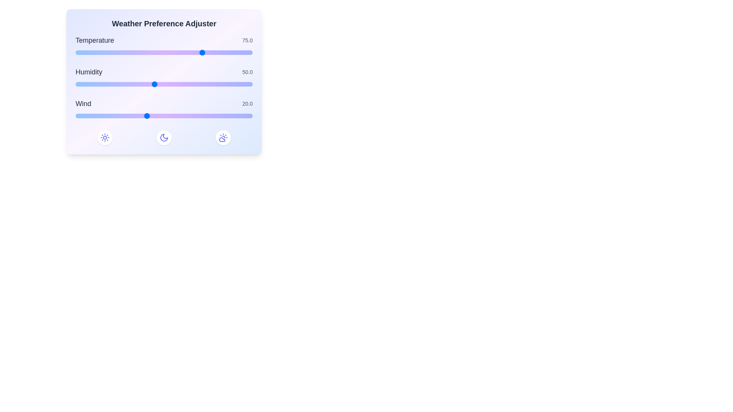  What do you see at coordinates (81, 52) in the screenshot?
I see `the temperature` at bounding box center [81, 52].